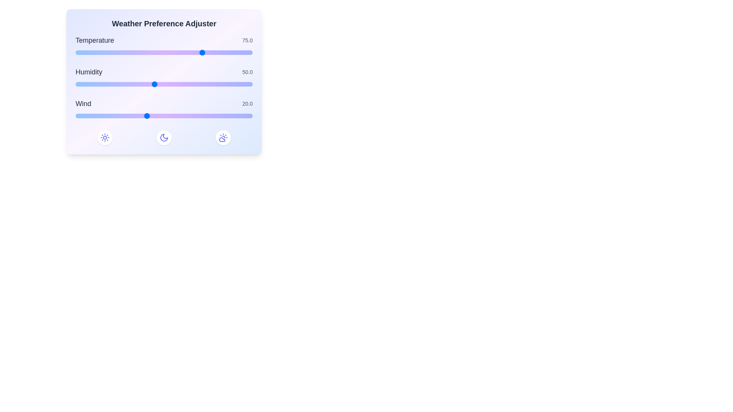  What do you see at coordinates (81, 52) in the screenshot?
I see `the temperature` at bounding box center [81, 52].